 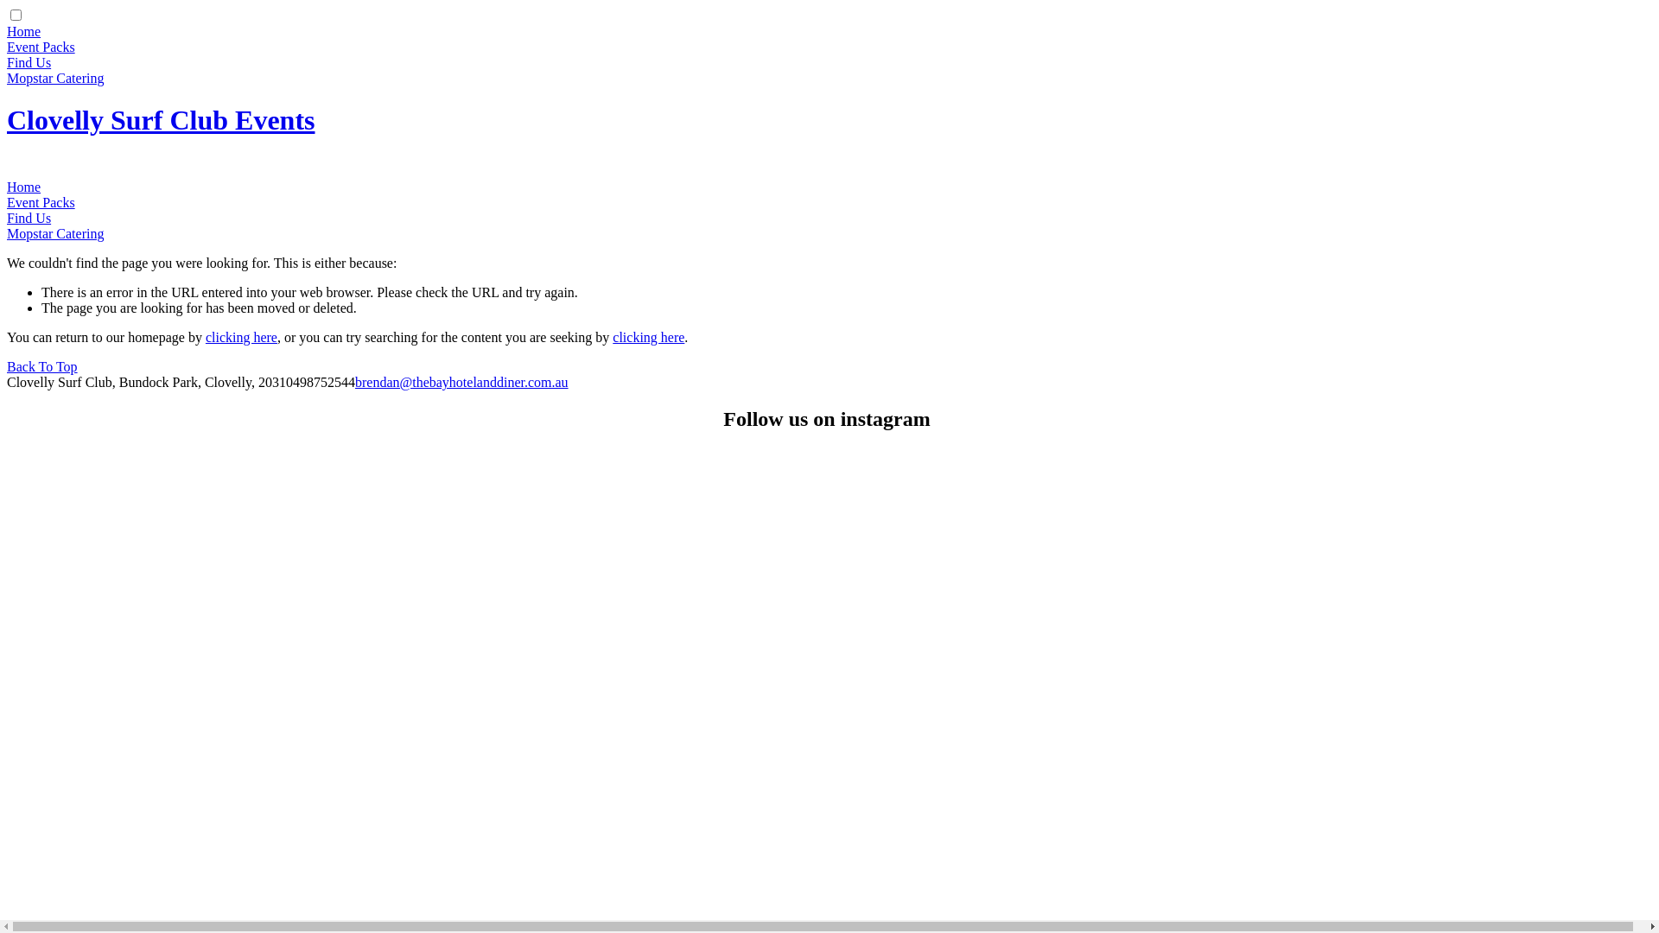 What do you see at coordinates (7, 201) in the screenshot?
I see `'Event Packs'` at bounding box center [7, 201].